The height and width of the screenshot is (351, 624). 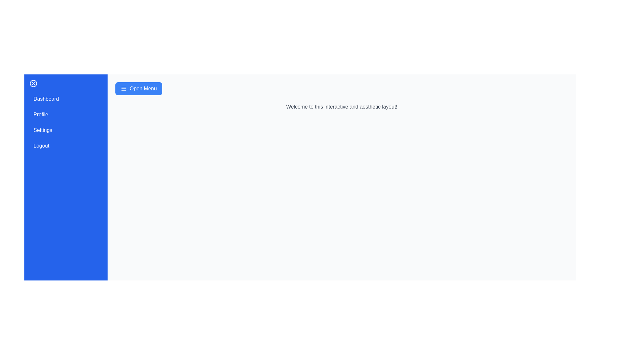 I want to click on the menu item Dashboard in the sidebar, so click(x=66, y=99).